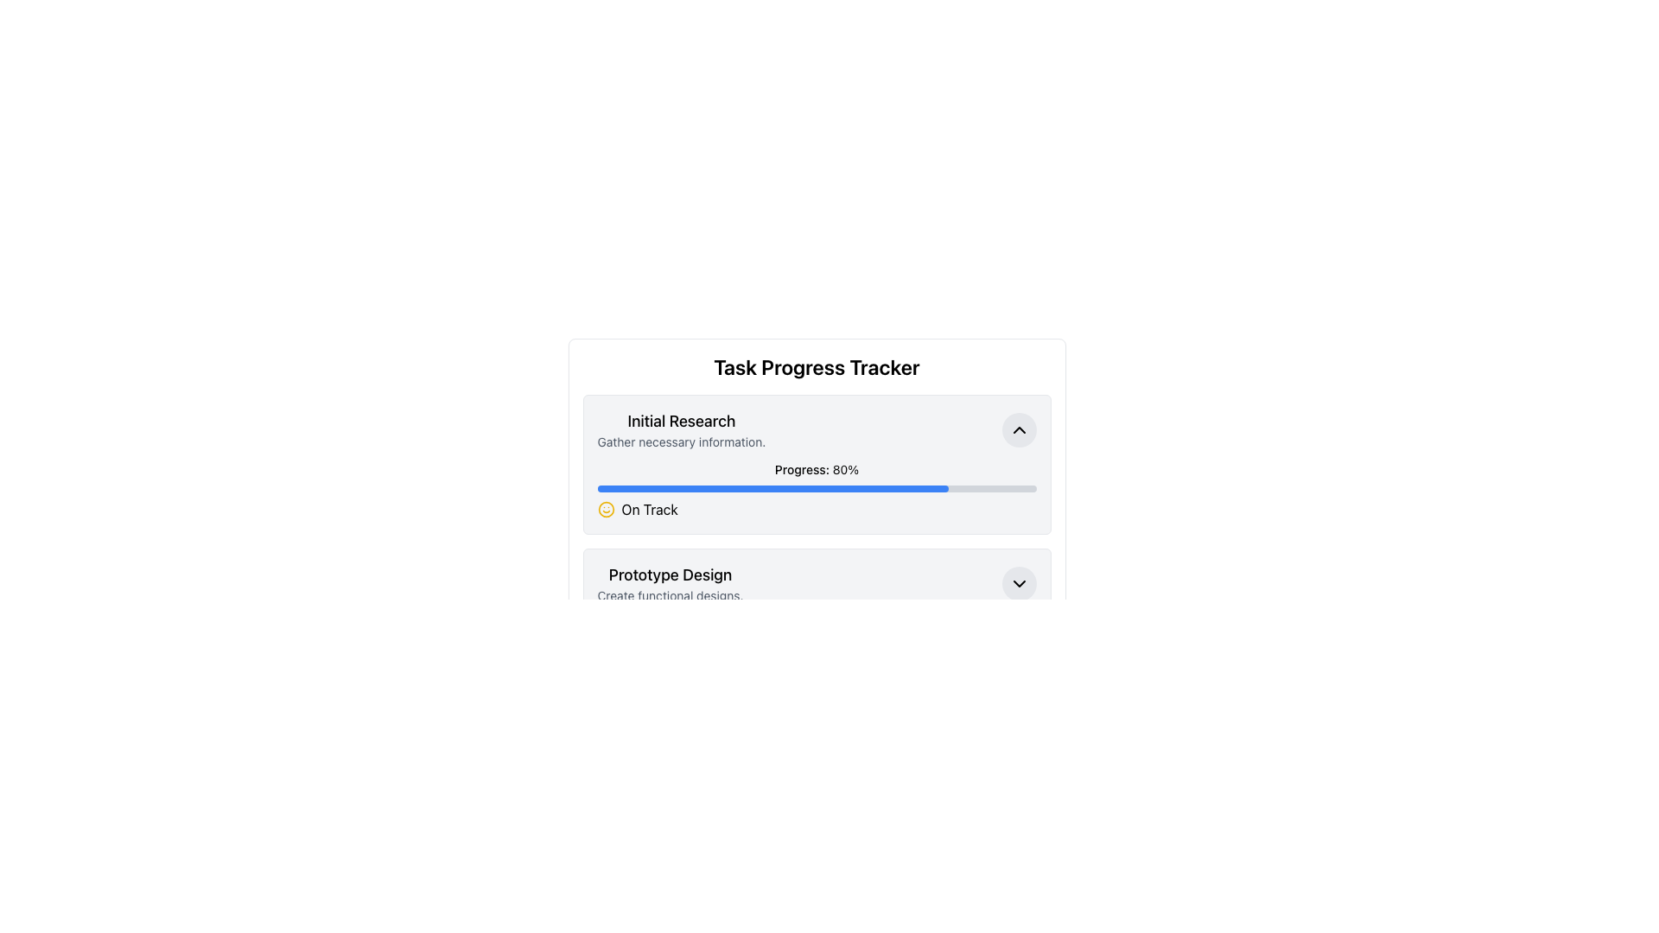  What do you see at coordinates (670, 595) in the screenshot?
I see `the text line displaying 'Create functional designs.' which is located beneath the 'Prototype Design' heading` at bounding box center [670, 595].